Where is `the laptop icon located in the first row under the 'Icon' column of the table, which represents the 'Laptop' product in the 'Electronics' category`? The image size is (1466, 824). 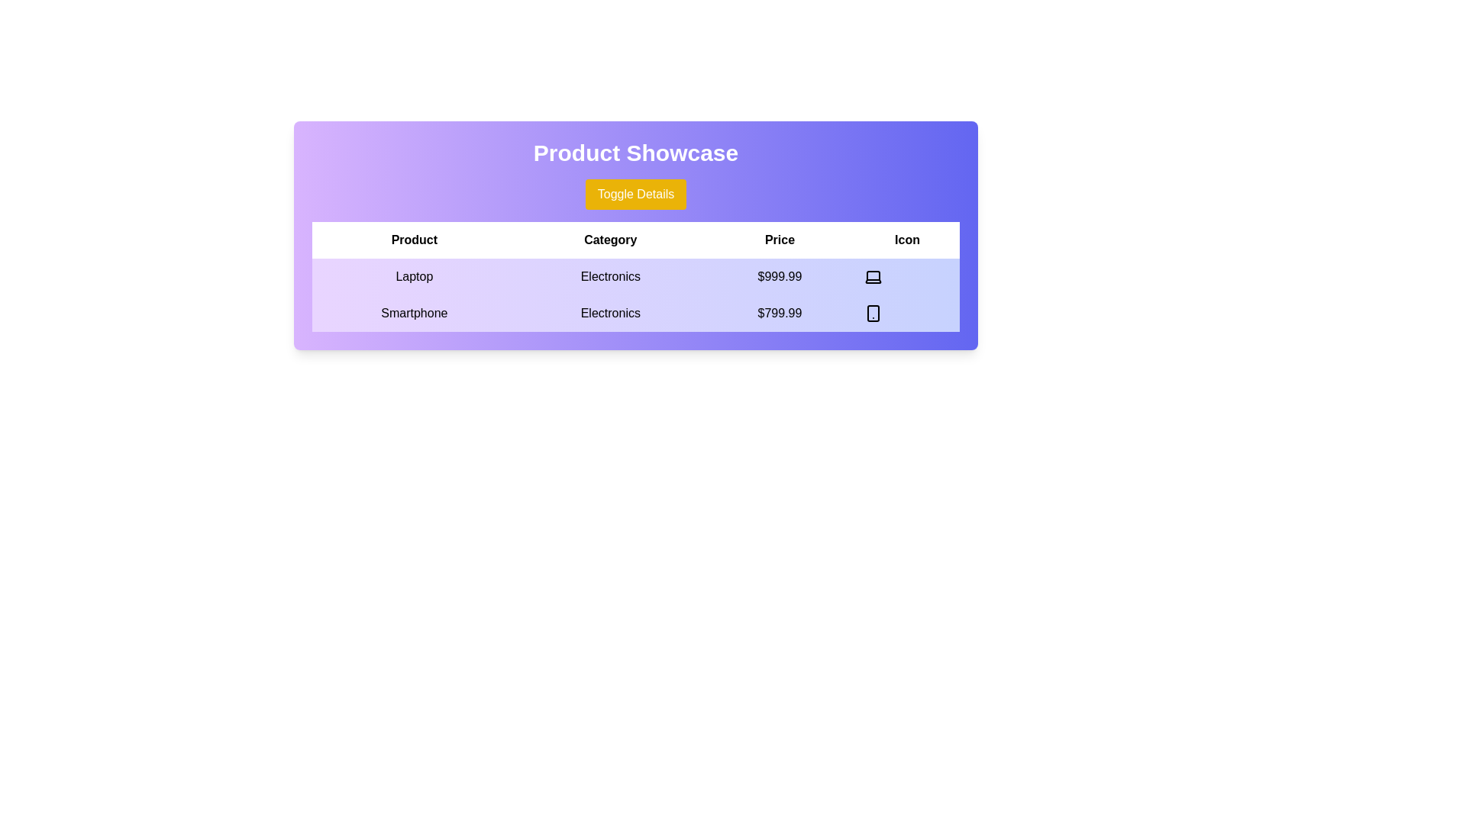
the laptop icon located in the first row under the 'Icon' column of the table, which represents the 'Laptop' product in the 'Electronics' category is located at coordinates (873, 276).